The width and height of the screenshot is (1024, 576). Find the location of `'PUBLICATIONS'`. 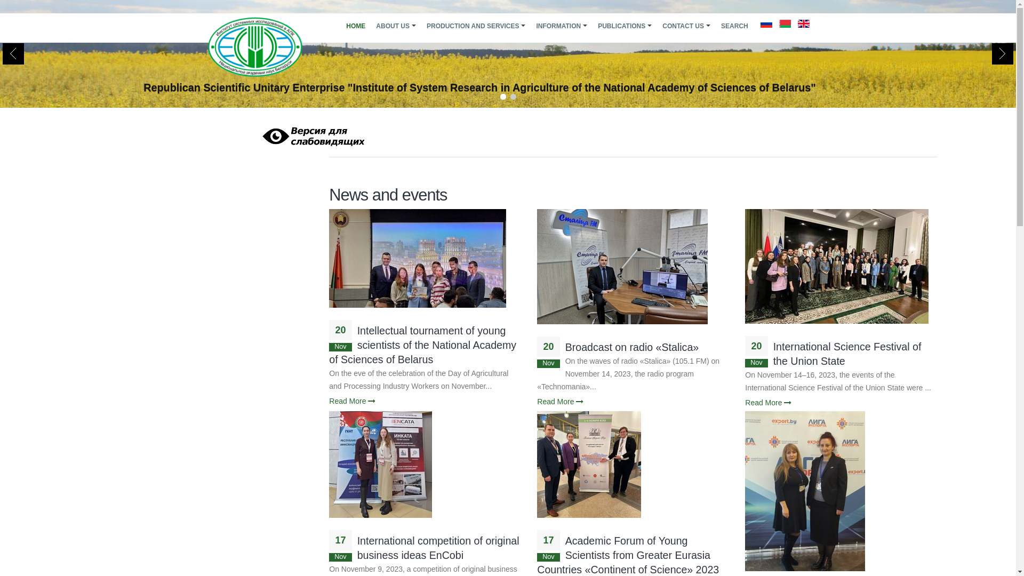

'PUBLICATIONS' is located at coordinates (625, 26).